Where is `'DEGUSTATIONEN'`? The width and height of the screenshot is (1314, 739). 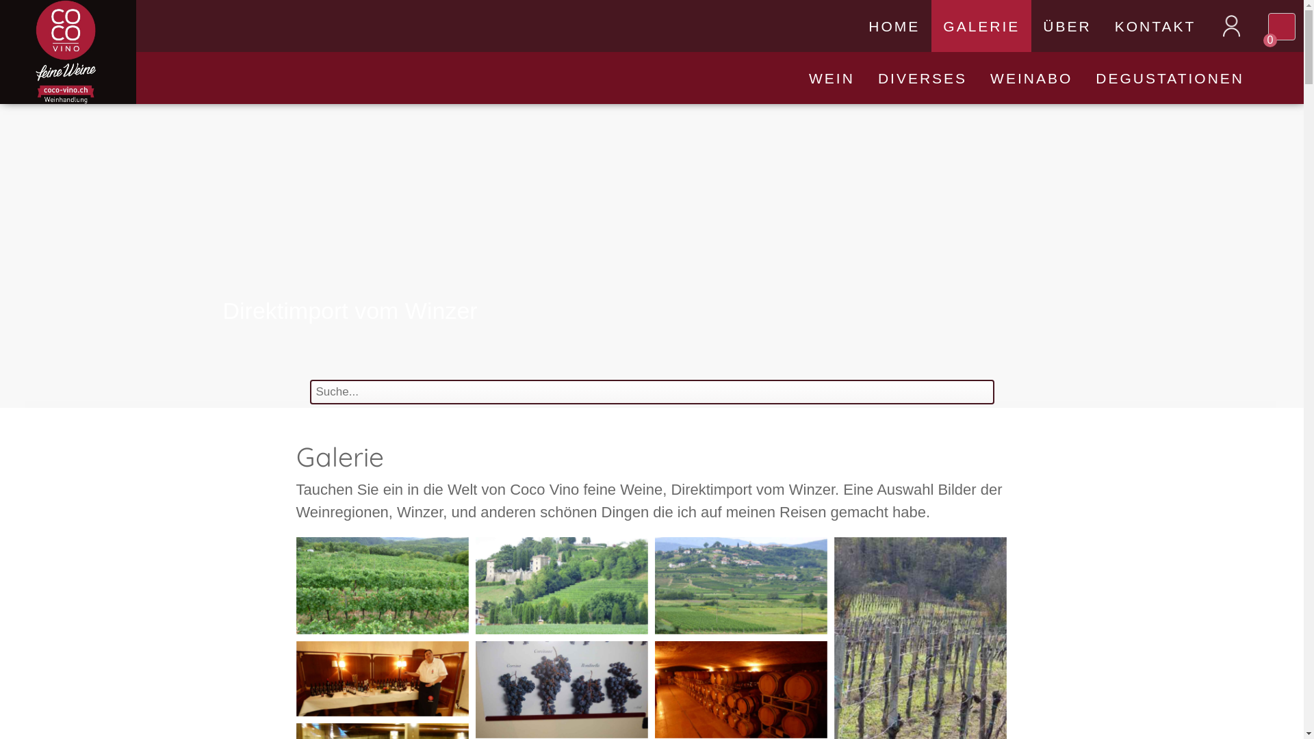 'DEGUSTATIONEN' is located at coordinates (1169, 78).